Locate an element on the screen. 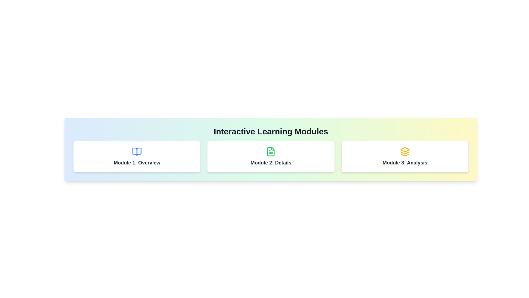  contents of the text label displaying 'Module 2: Details' which is centrally positioned in the interface of the 'Interactive Learning Modules' is located at coordinates (271, 163).